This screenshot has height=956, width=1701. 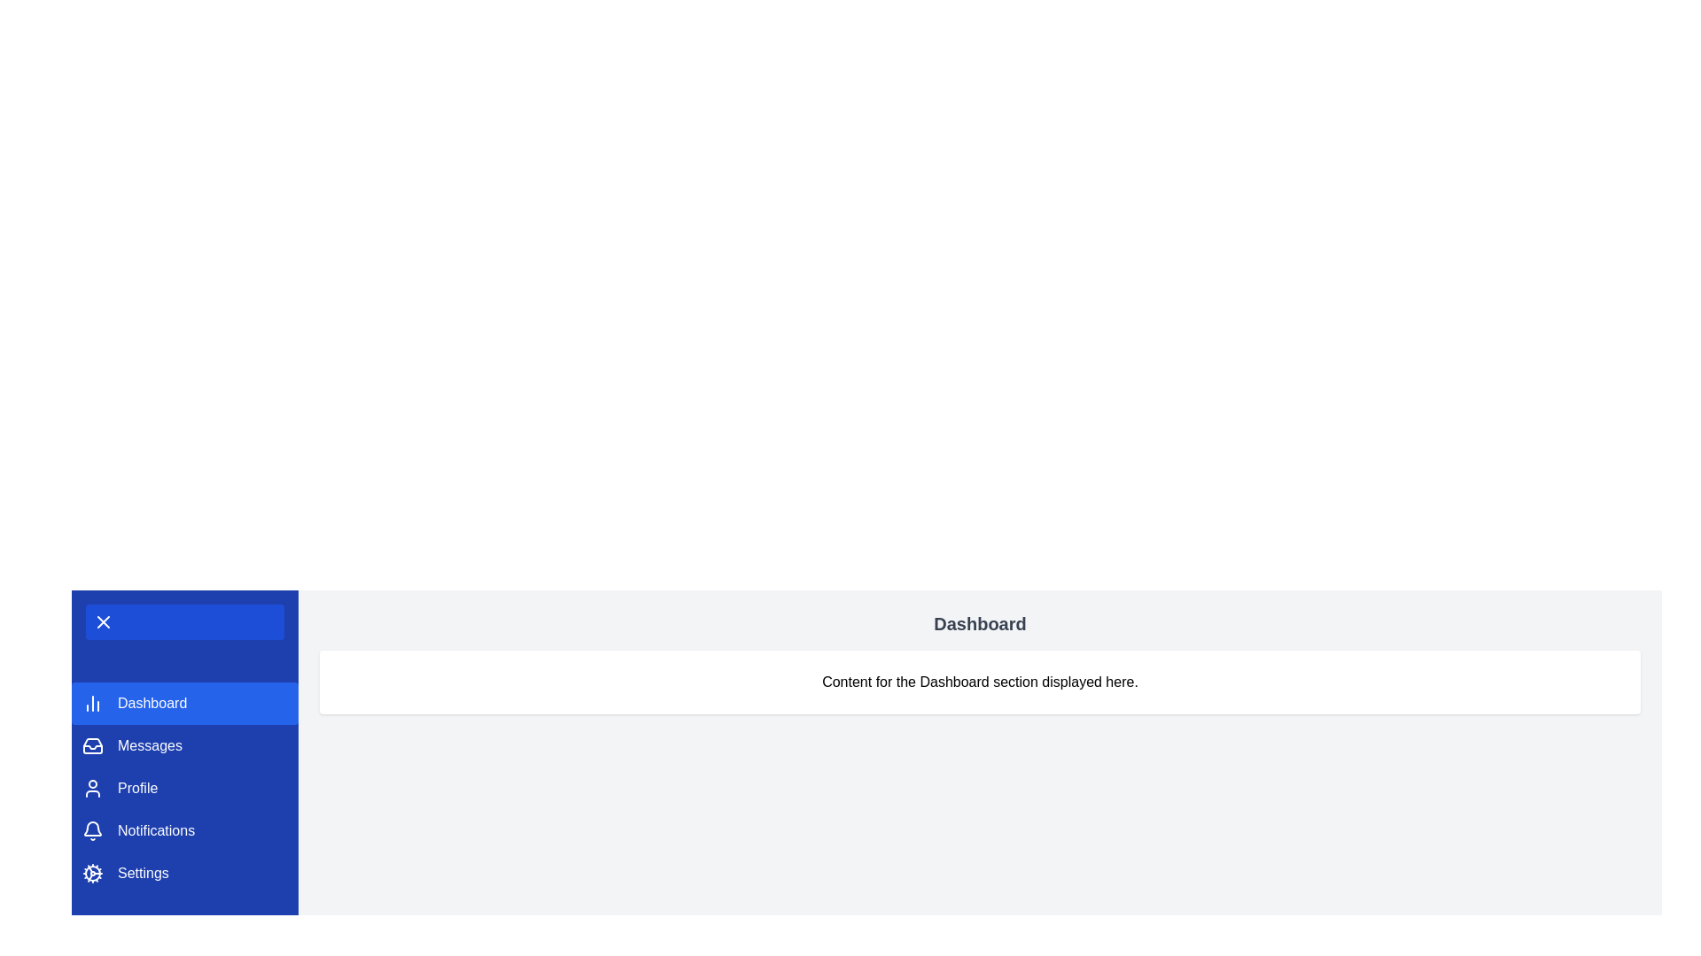 I want to click on the 'Notifications' menu item, which is a button with a bell icon and white text on a blue background, to change its background color, so click(x=185, y=830).